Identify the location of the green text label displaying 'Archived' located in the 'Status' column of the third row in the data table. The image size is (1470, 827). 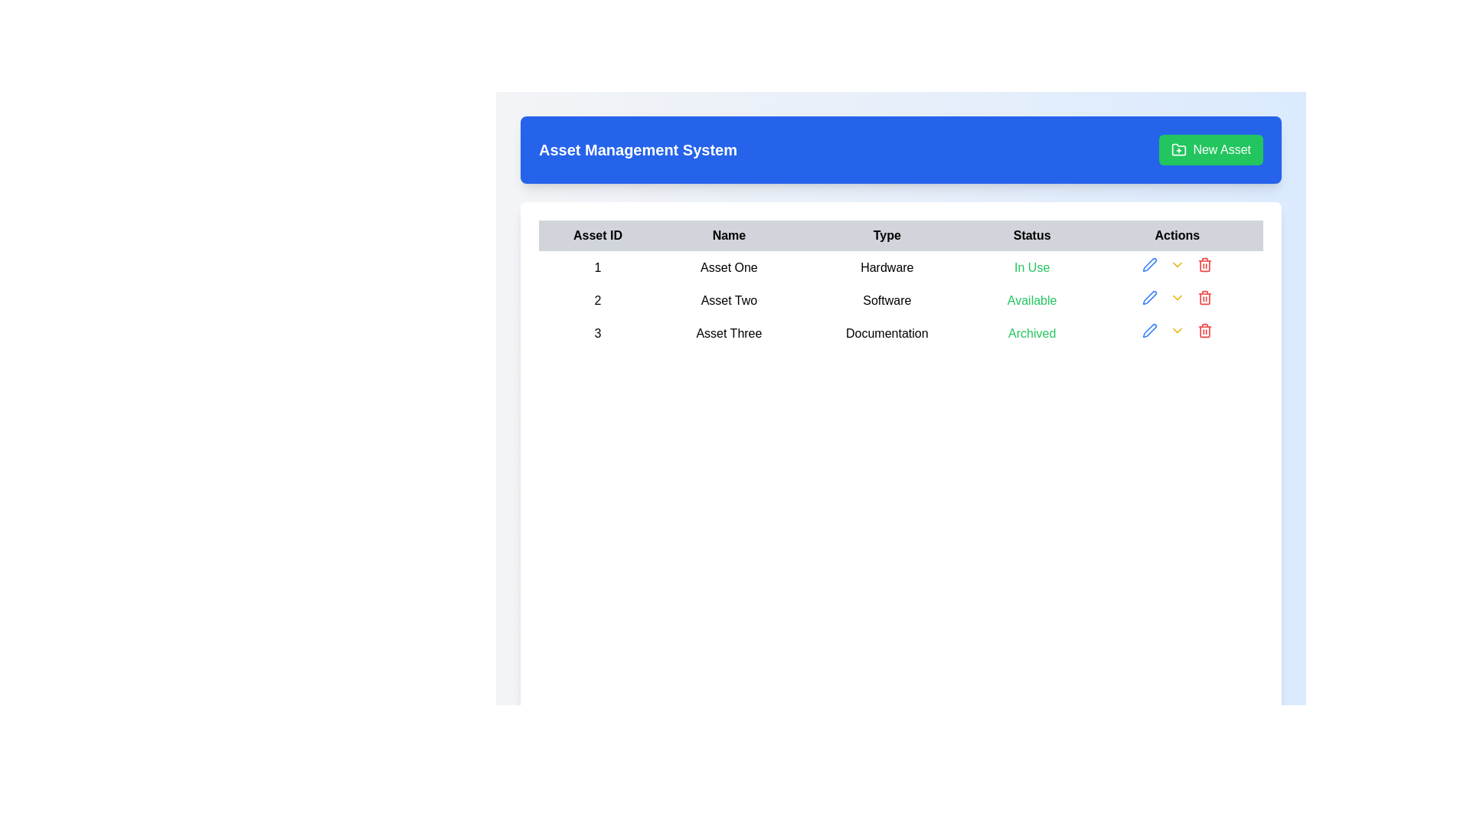
(1032, 332).